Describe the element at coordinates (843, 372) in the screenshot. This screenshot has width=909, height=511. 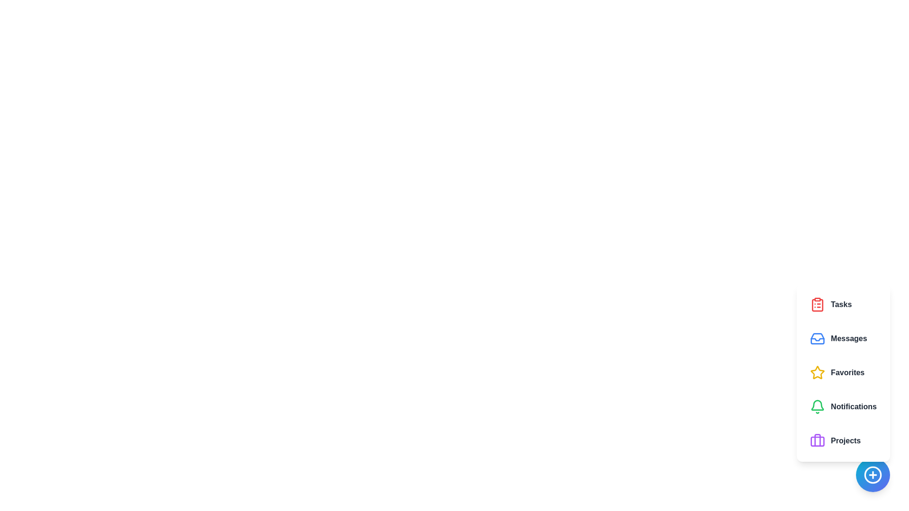
I see `the button labeled Favorites to observe visual feedback` at that location.